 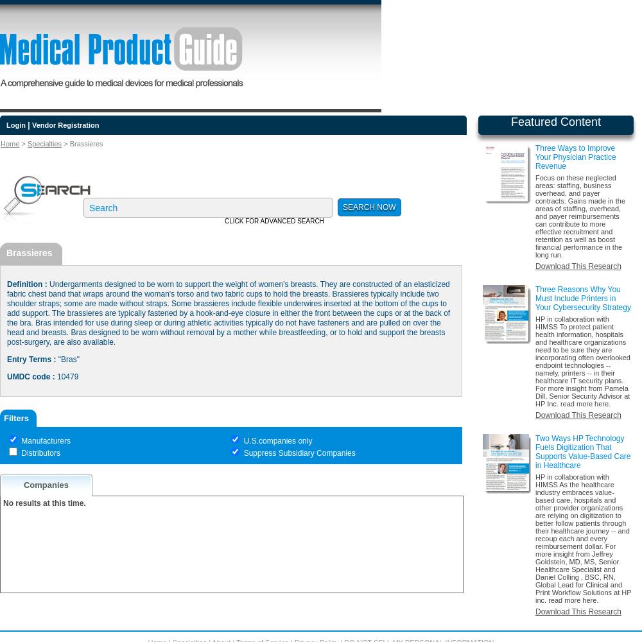 What do you see at coordinates (44, 503) in the screenshot?
I see `'No results at this  time.'` at bounding box center [44, 503].